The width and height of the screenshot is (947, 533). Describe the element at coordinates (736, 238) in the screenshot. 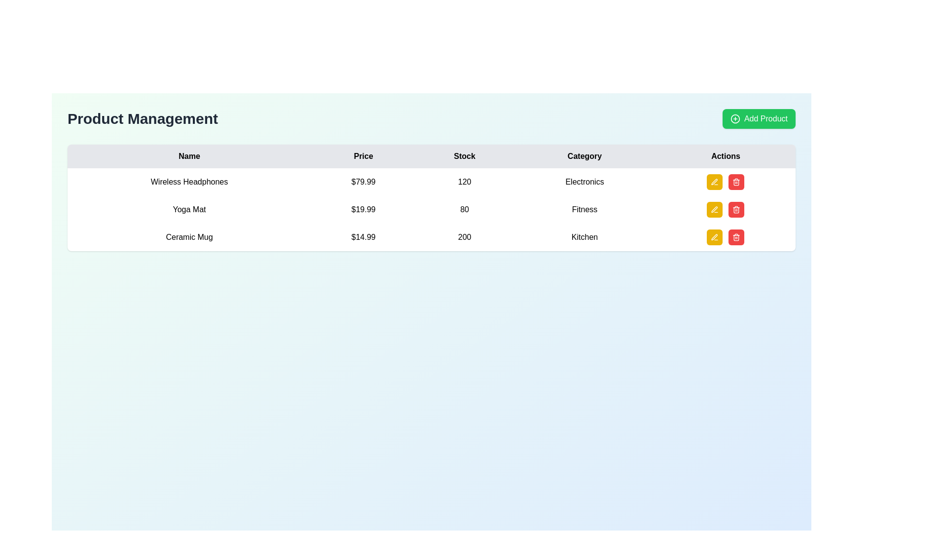

I see `the main body of the trash can icon located in the 'Actions' column of the table row, which is used for the delete action` at that location.